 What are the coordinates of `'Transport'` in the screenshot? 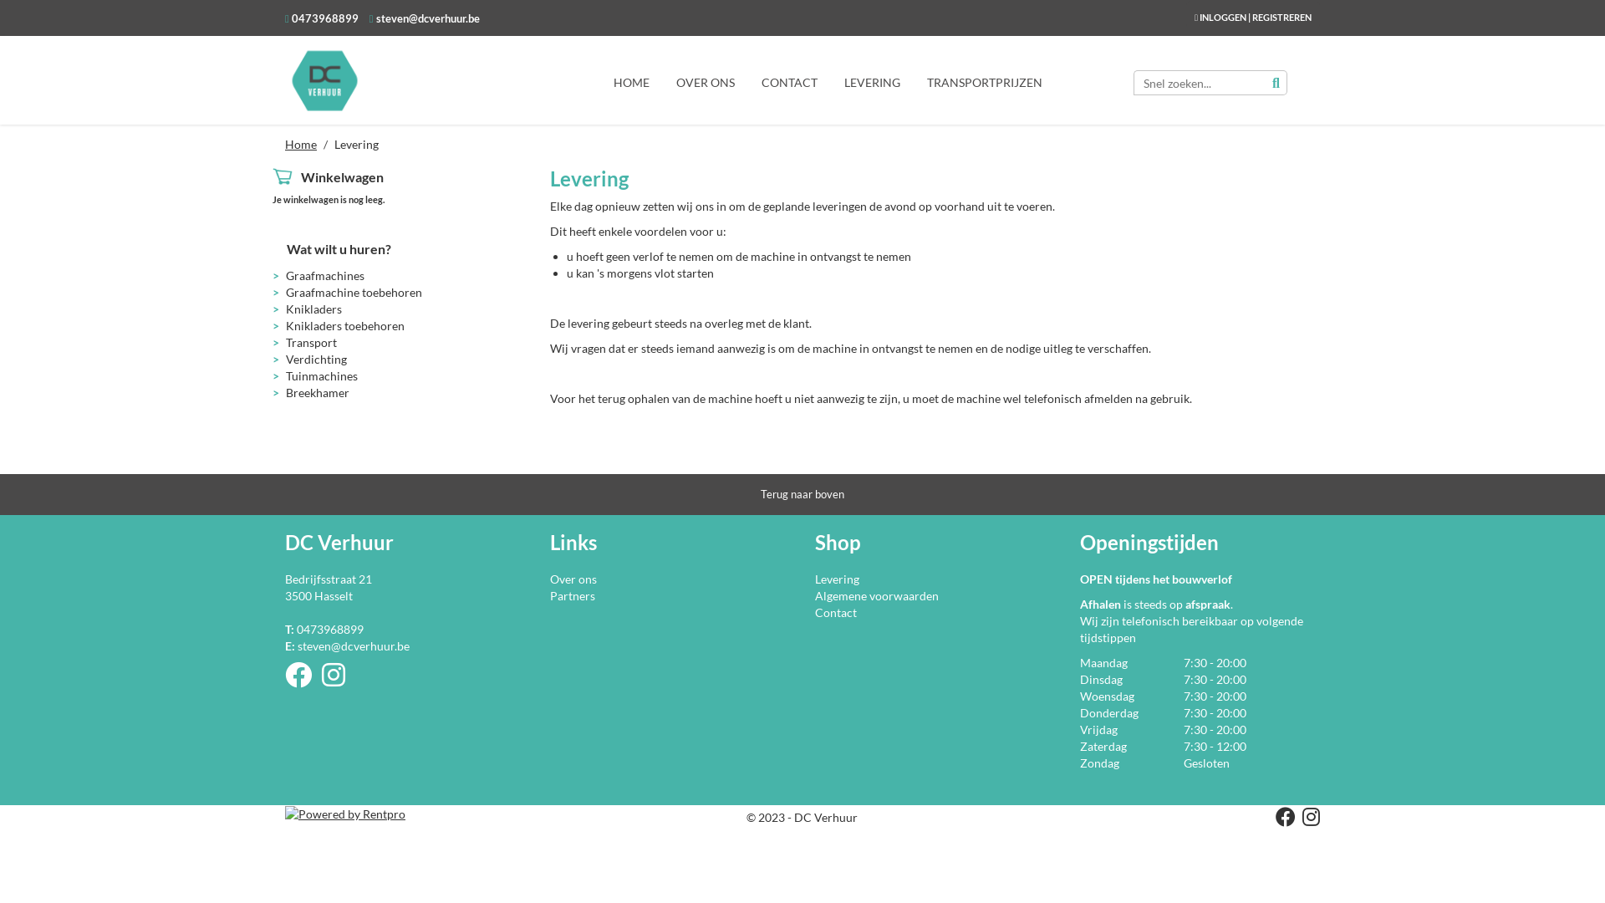 It's located at (311, 341).